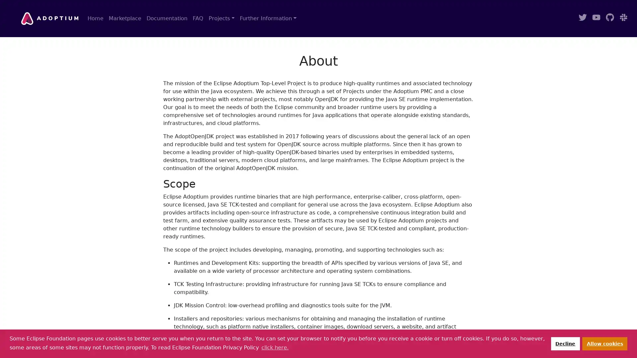 The width and height of the screenshot is (637, 358). What do you see at coordinates (565, 343) in the screenshot?
I see `deny cookies` at bounding box center [565, 343].